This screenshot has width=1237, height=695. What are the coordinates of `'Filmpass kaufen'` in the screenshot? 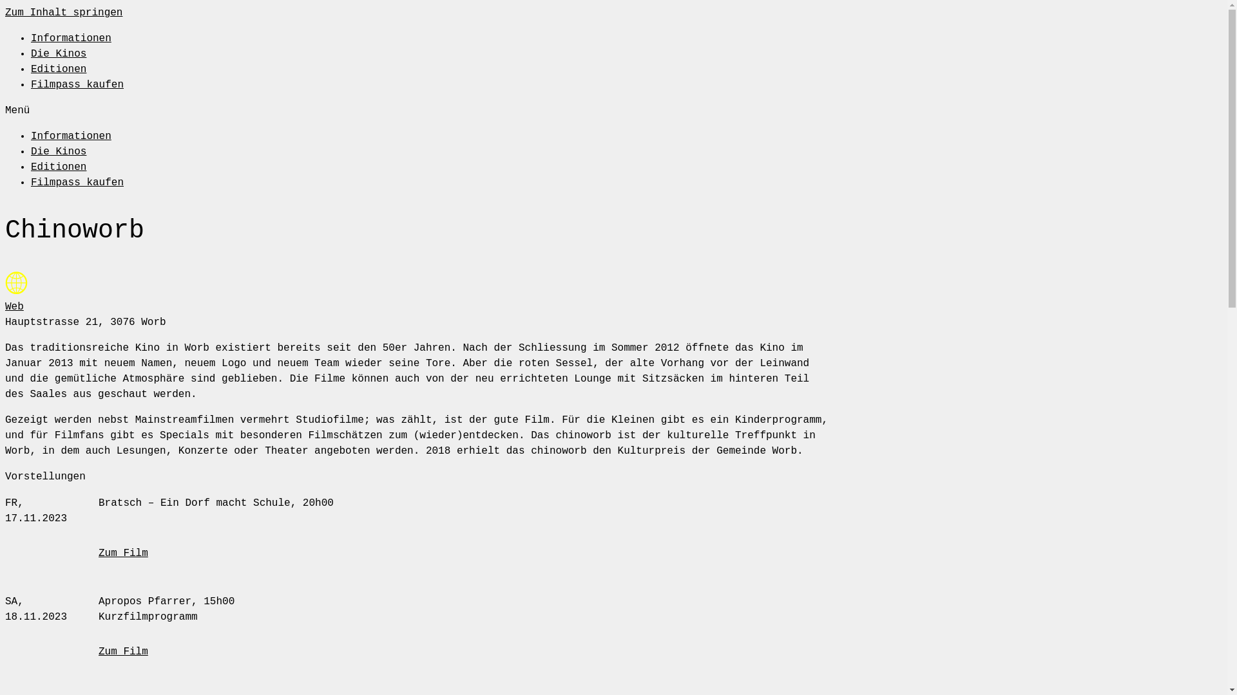 It's located at (31, 84).